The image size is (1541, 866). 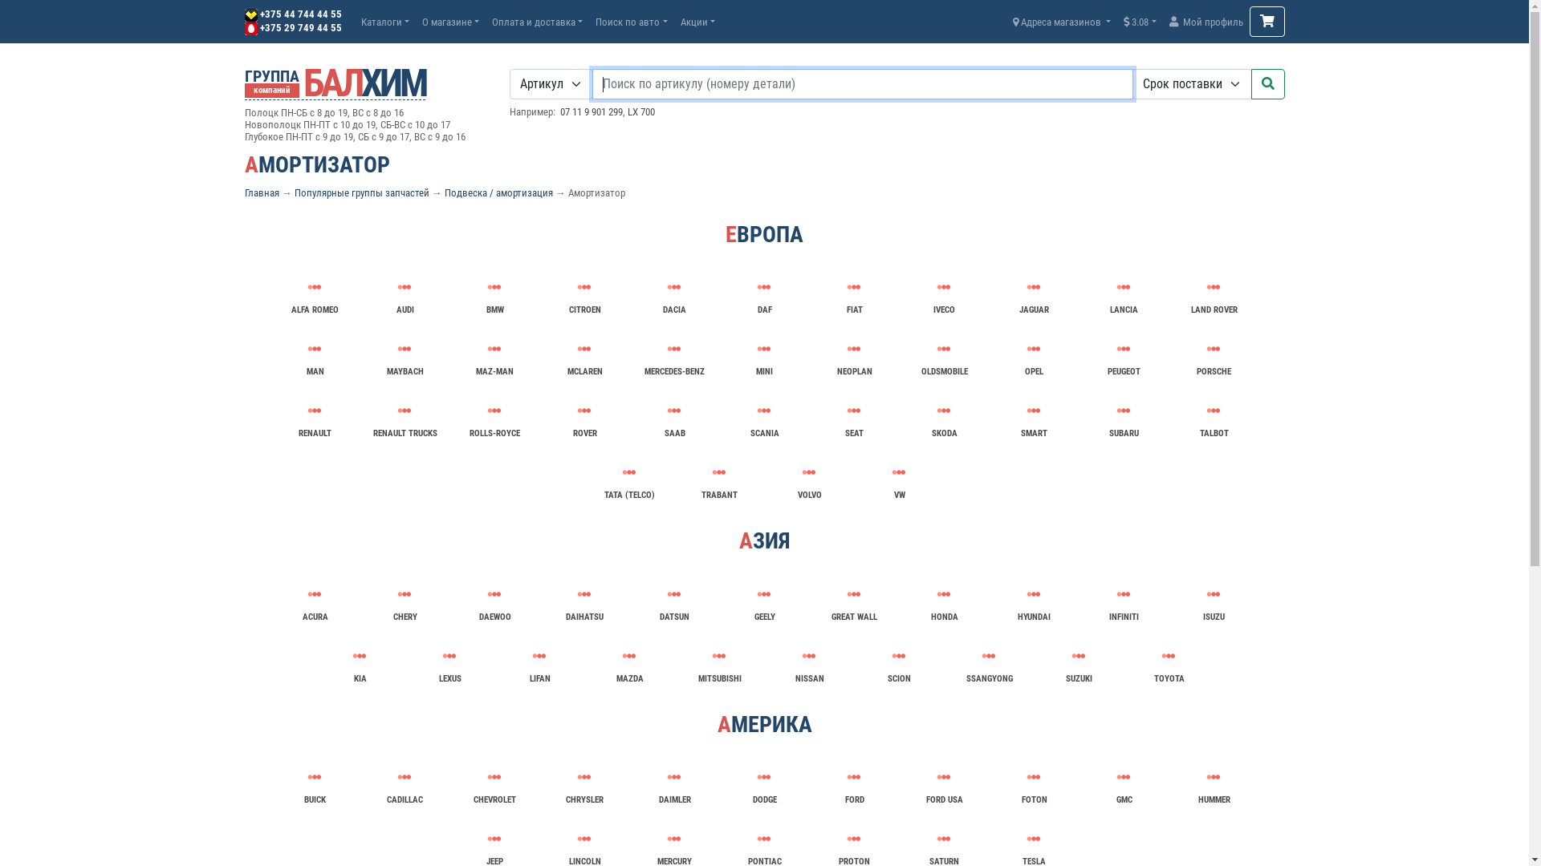 What do you see at coordinates (583, 782) in the screenshot?
I see `'CHRYSLER'` at bounding box center [583, 782].